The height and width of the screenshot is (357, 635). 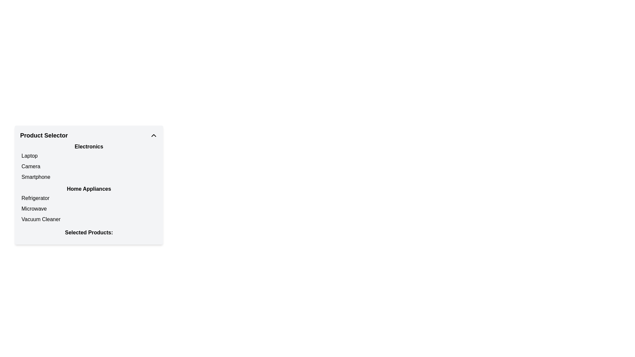 What do you see at coordinates (88, 198) in the screenshot?
I see `to select the 'Refrigerator' option from the list under the 'Home Appliances' section in the 'Product Selector'` at bounding box center [88, 198].